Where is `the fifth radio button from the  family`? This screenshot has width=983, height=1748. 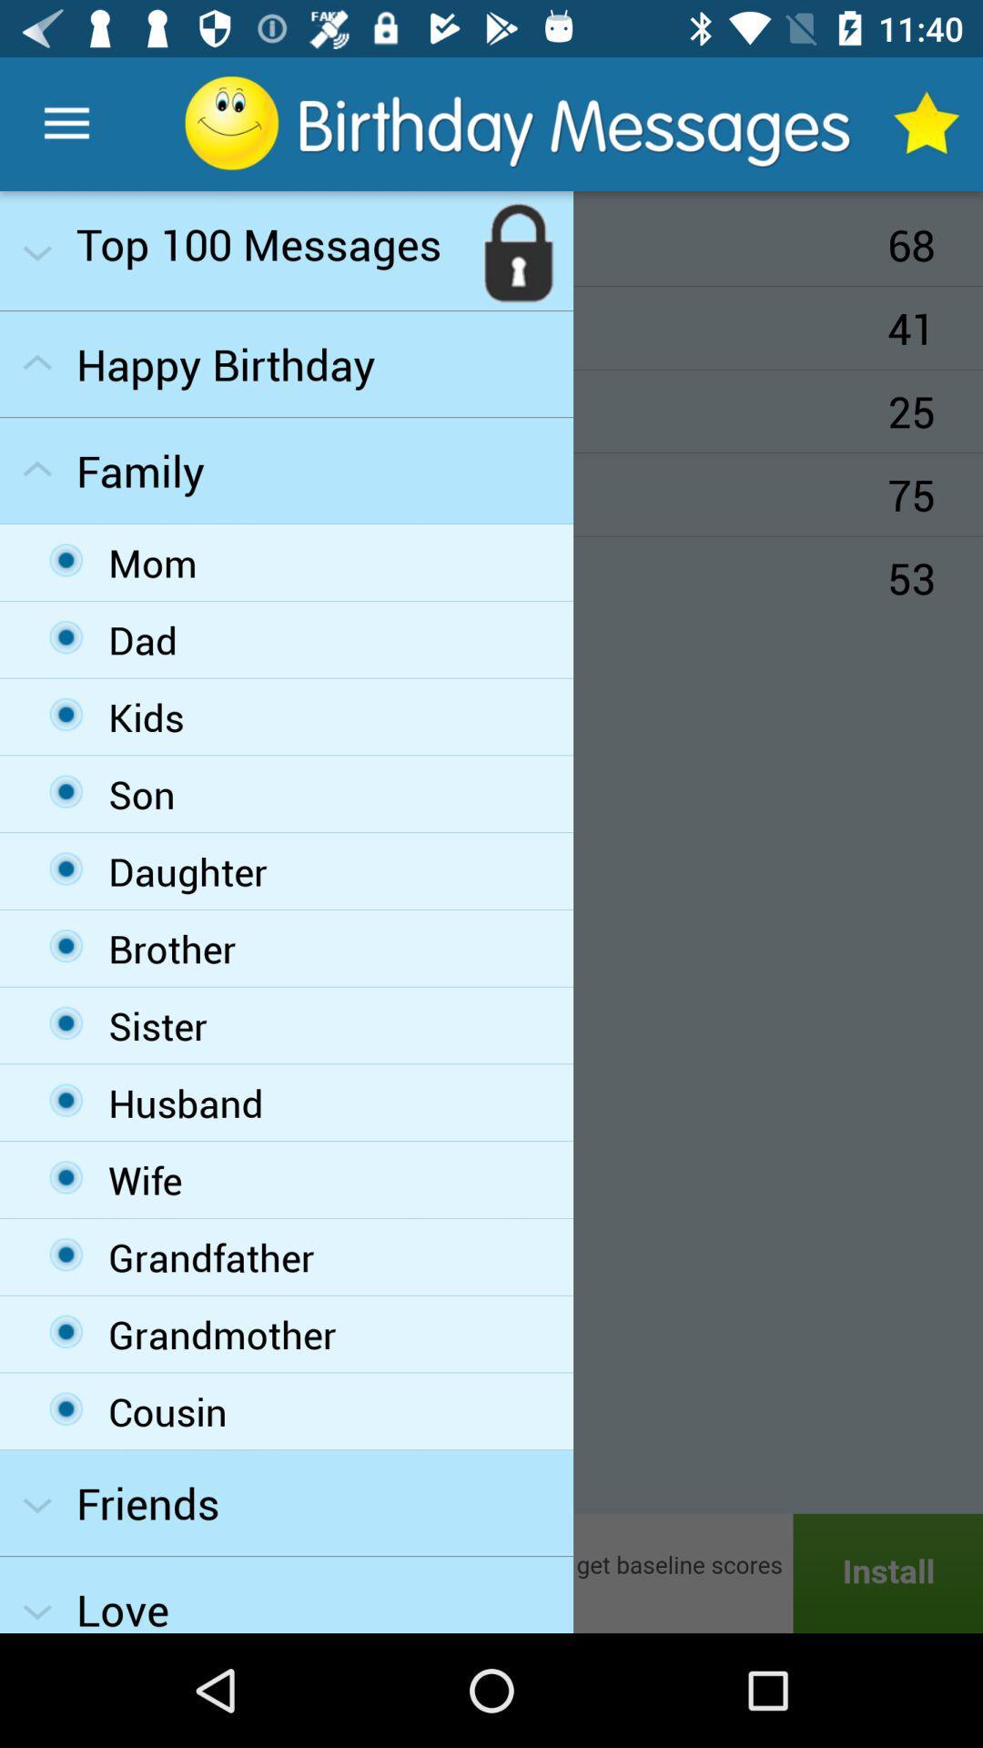 the fifth radio button from the  family is located at coordinates (66, 868).